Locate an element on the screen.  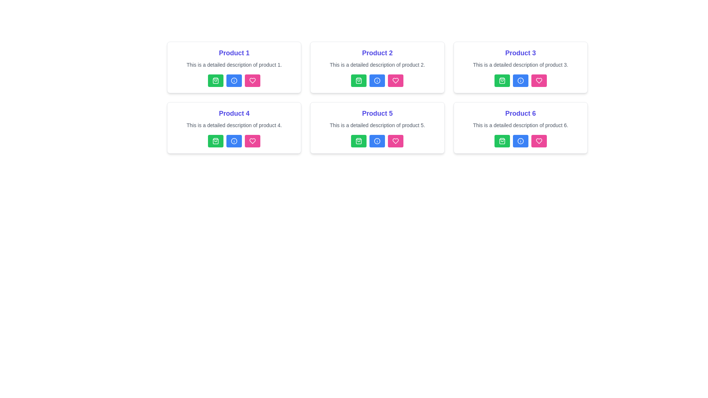
the text displaying 'Product 2' in the first position of the second product card is located at coordinates (377, 52).